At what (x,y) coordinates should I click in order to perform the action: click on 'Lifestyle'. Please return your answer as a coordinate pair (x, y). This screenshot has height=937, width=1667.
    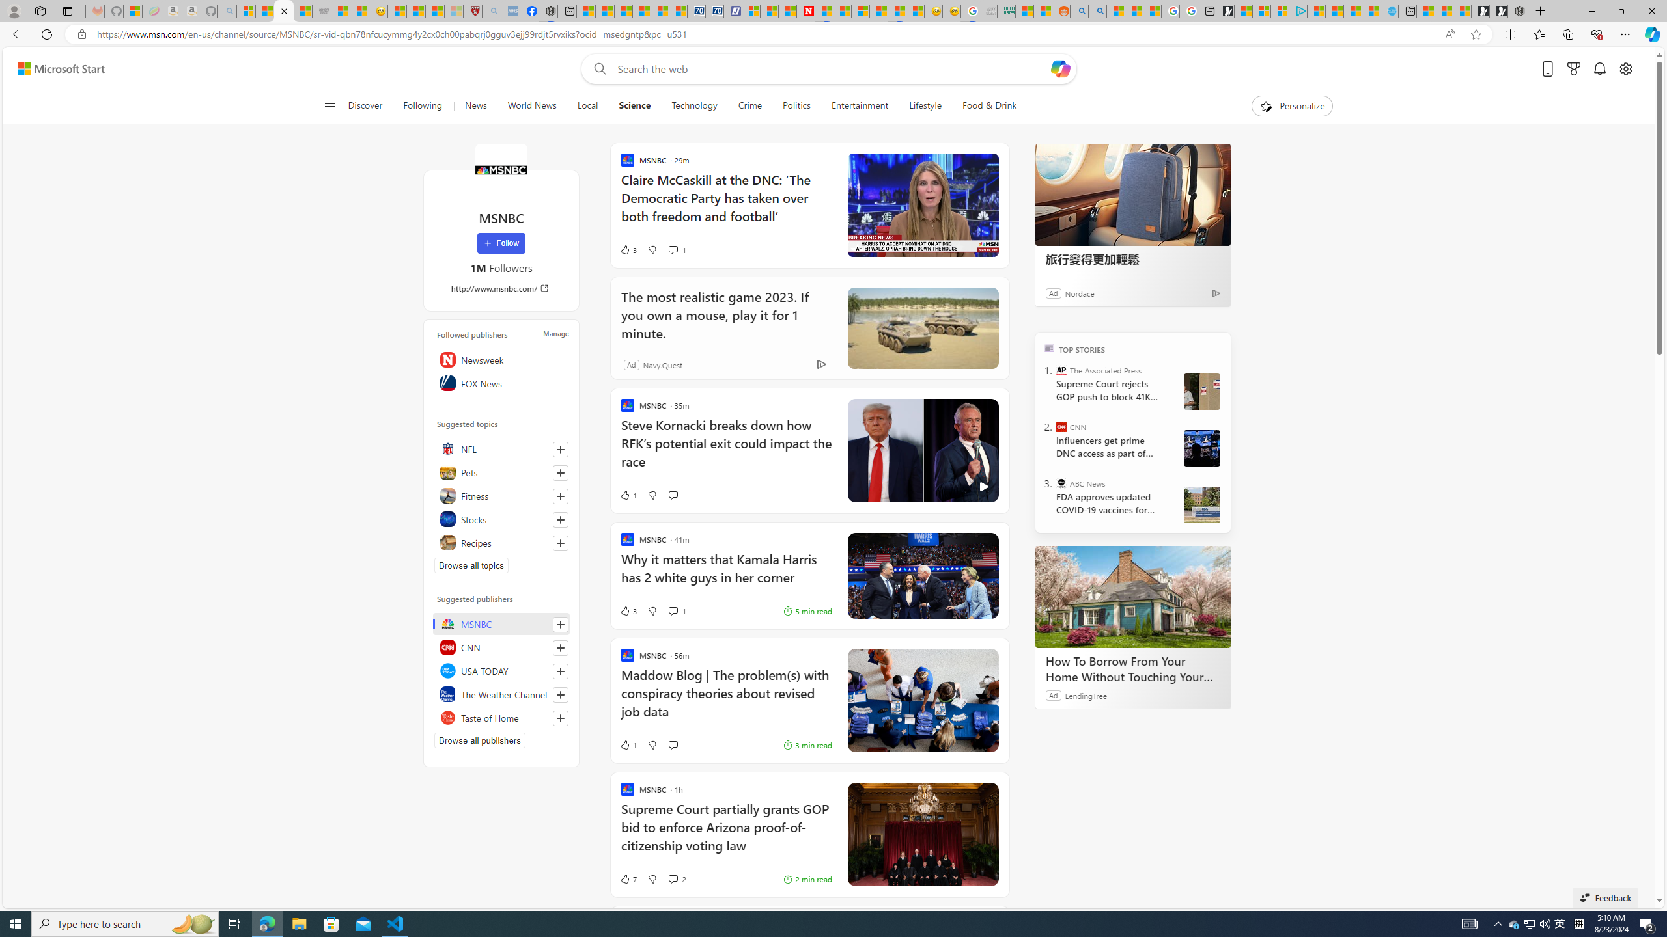
    Looking at the image, I should click on (924, 105).